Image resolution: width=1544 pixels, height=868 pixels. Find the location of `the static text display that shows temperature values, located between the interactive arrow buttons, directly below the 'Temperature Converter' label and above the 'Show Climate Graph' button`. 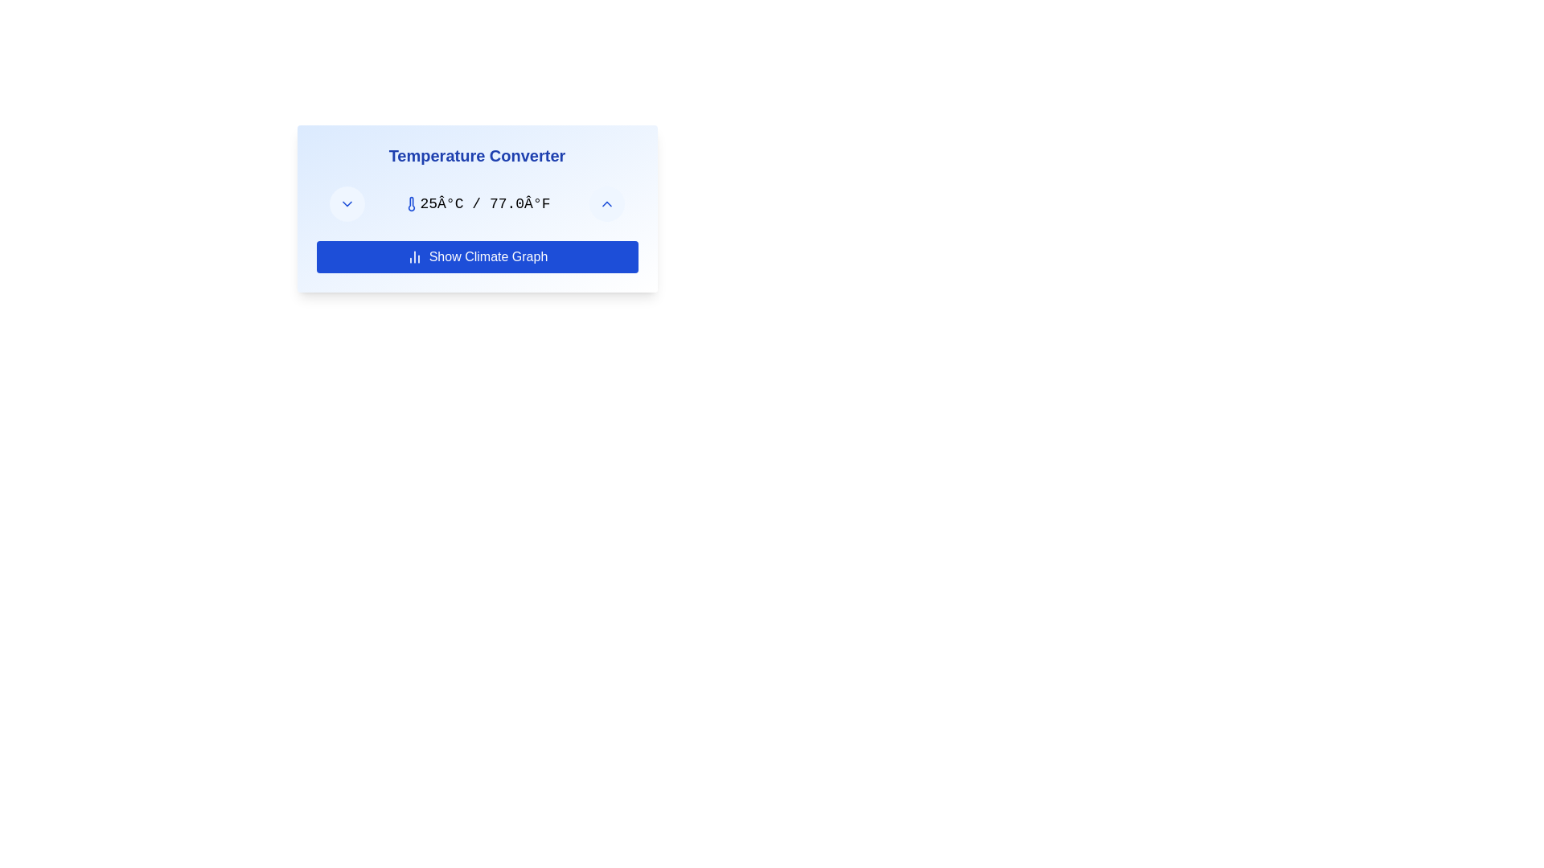

the static text display that shows temperature values, located between the interactive arrow buttons, directly below the 'Temperature Converter' label and above the 'Show Climate Graph' button is located at coordinates (476, 203).